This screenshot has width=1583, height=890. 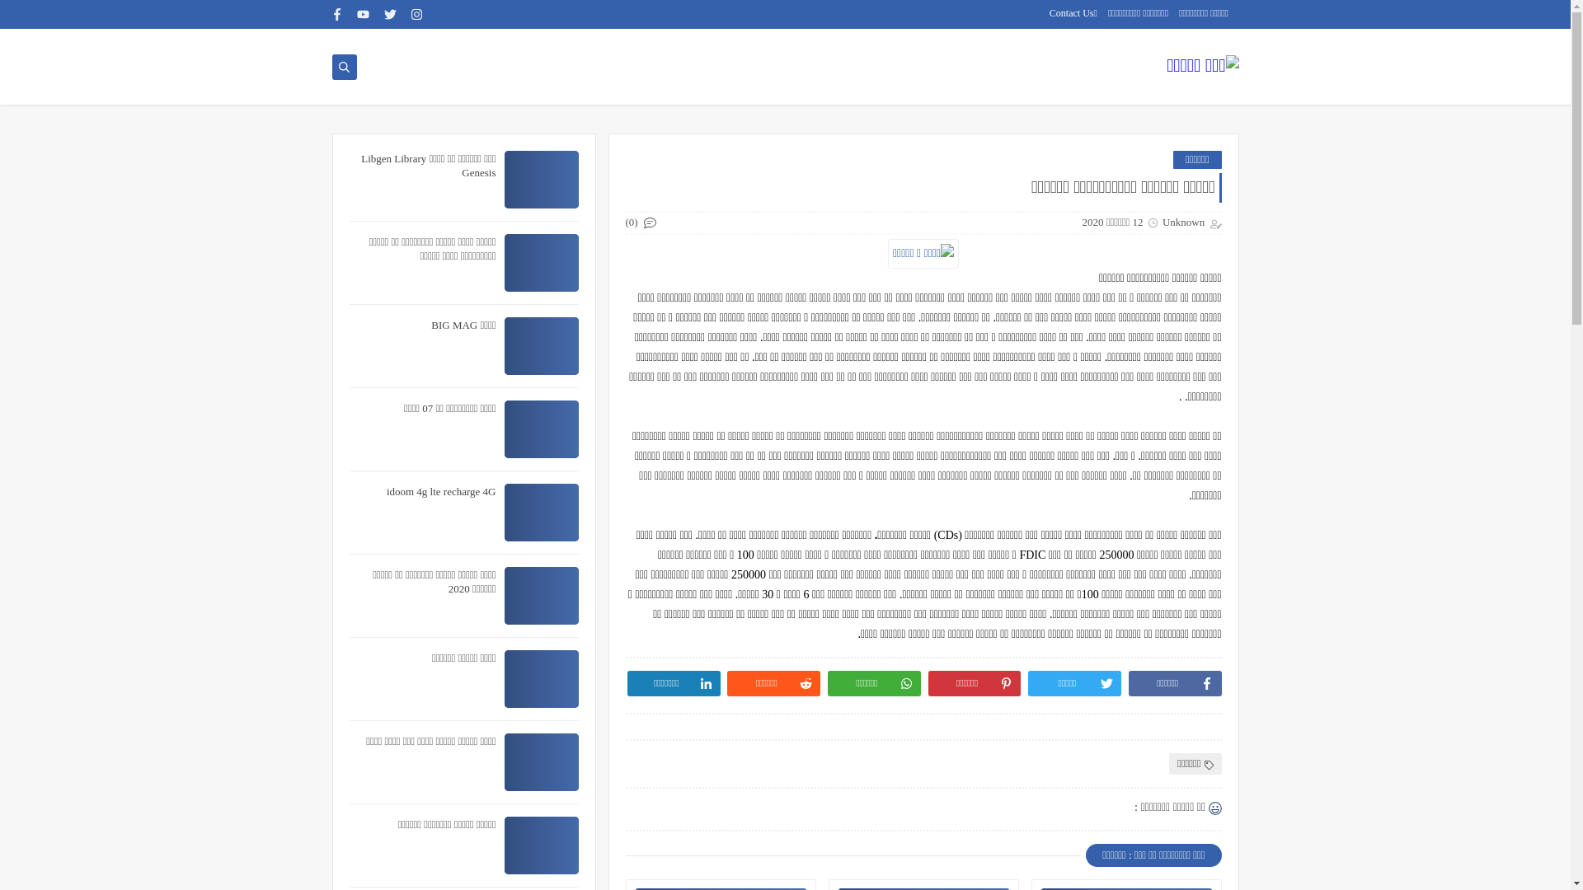 I want to click on 'instagram', so click(x=405, y=14).